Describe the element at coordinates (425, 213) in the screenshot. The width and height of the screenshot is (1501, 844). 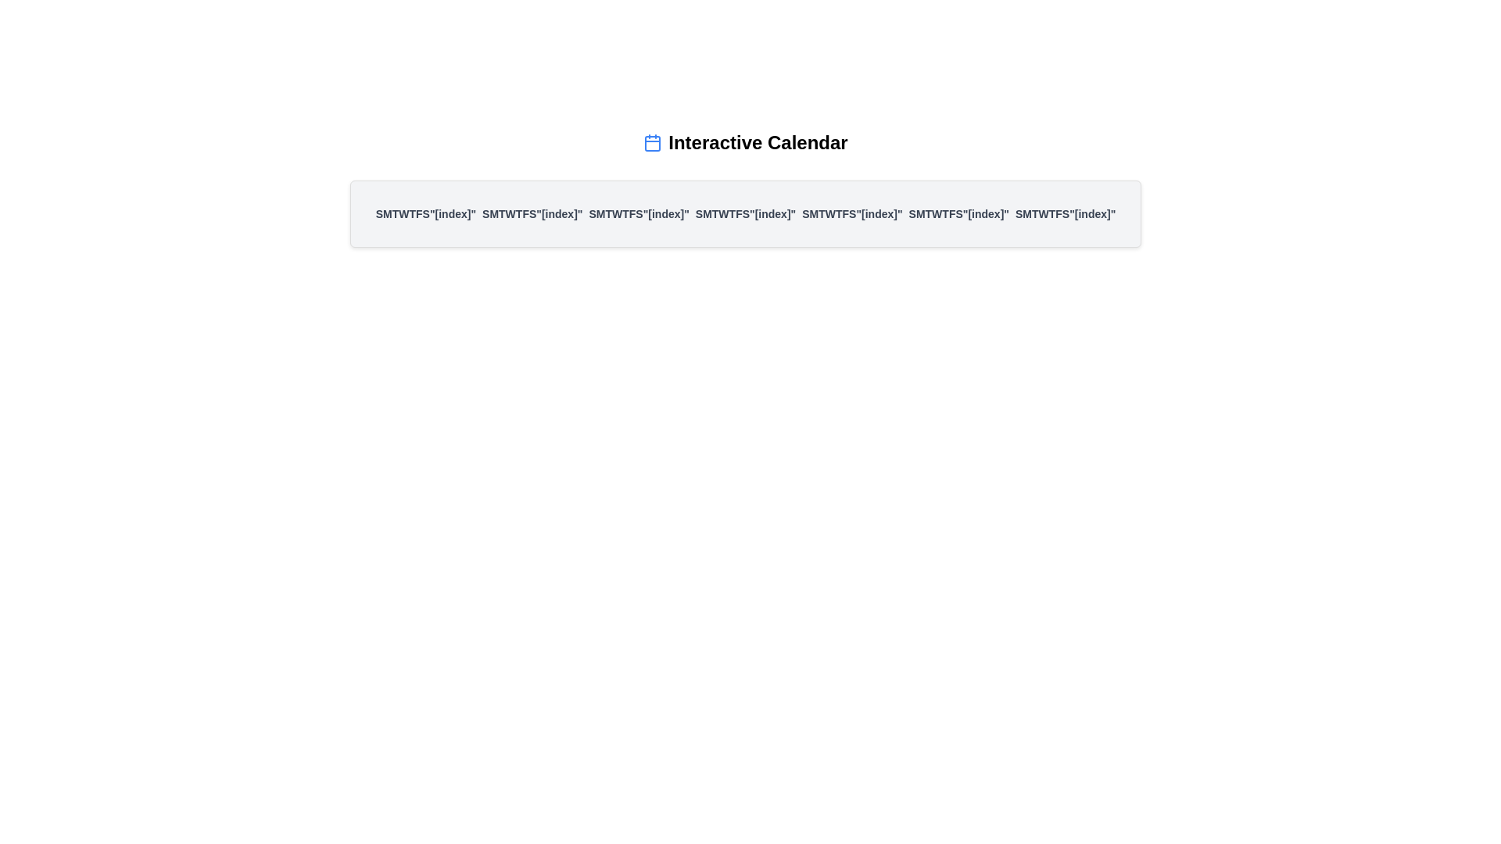
I see `the text label that serves as a header for the day structure in the calendar, positioned at the leftmost side of the grid` at that location.